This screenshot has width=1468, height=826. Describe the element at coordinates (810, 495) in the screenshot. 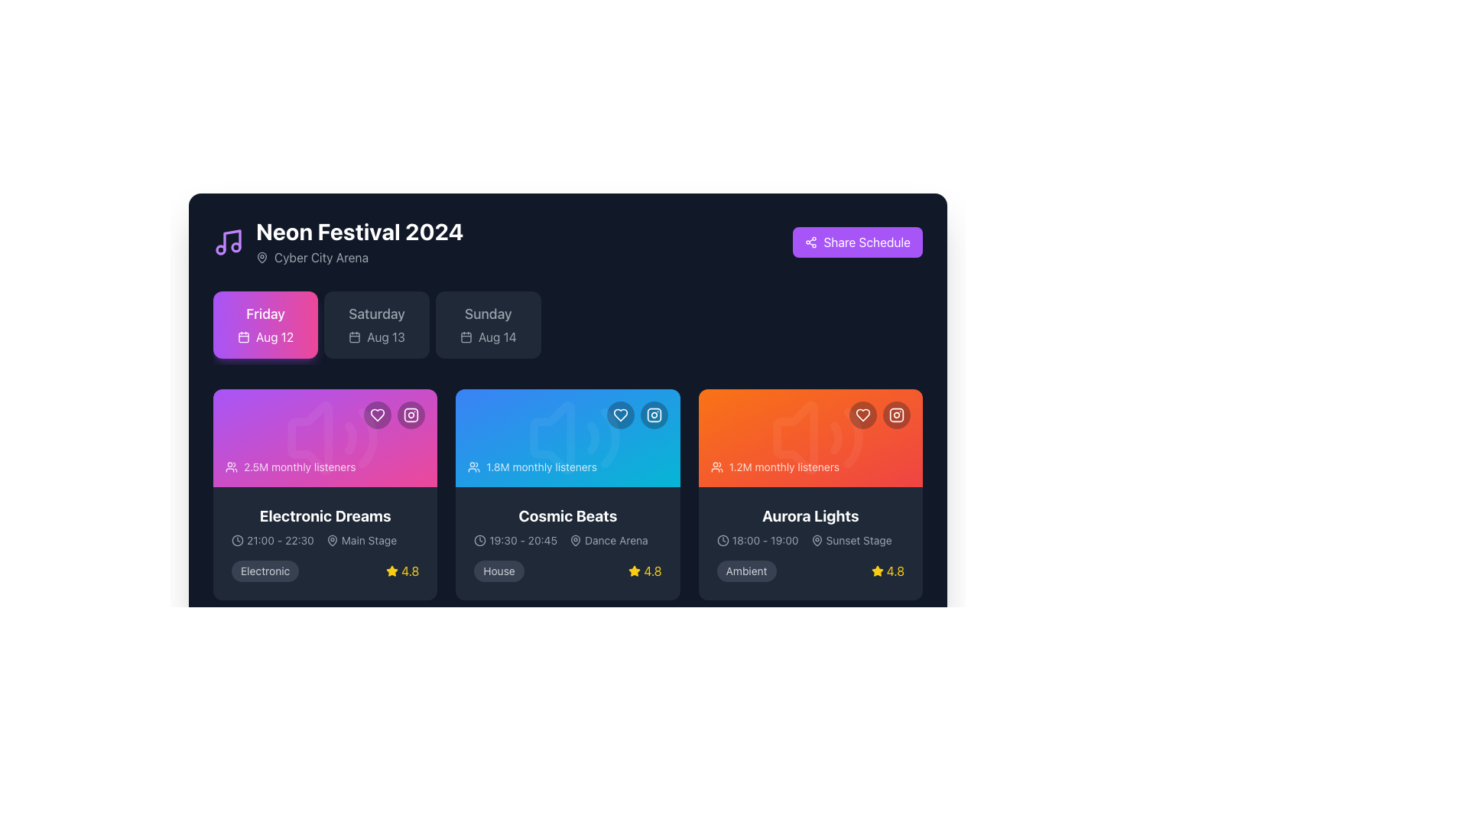

I see `the event card for 'Aurora Lights', which is the third card in the layout under 'Friday Aug 12'` at that location.